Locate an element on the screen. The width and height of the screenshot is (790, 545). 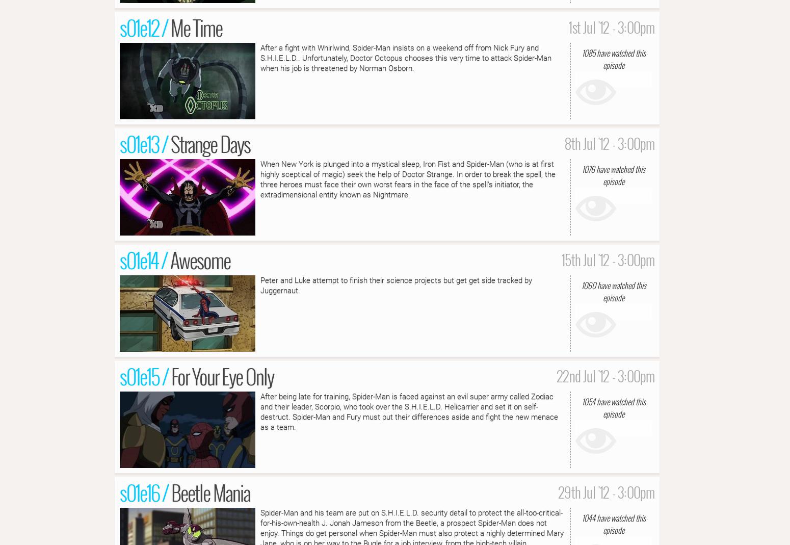
'22nd Jul '12 - 3:00pm' is located at coordinates (605, 375).